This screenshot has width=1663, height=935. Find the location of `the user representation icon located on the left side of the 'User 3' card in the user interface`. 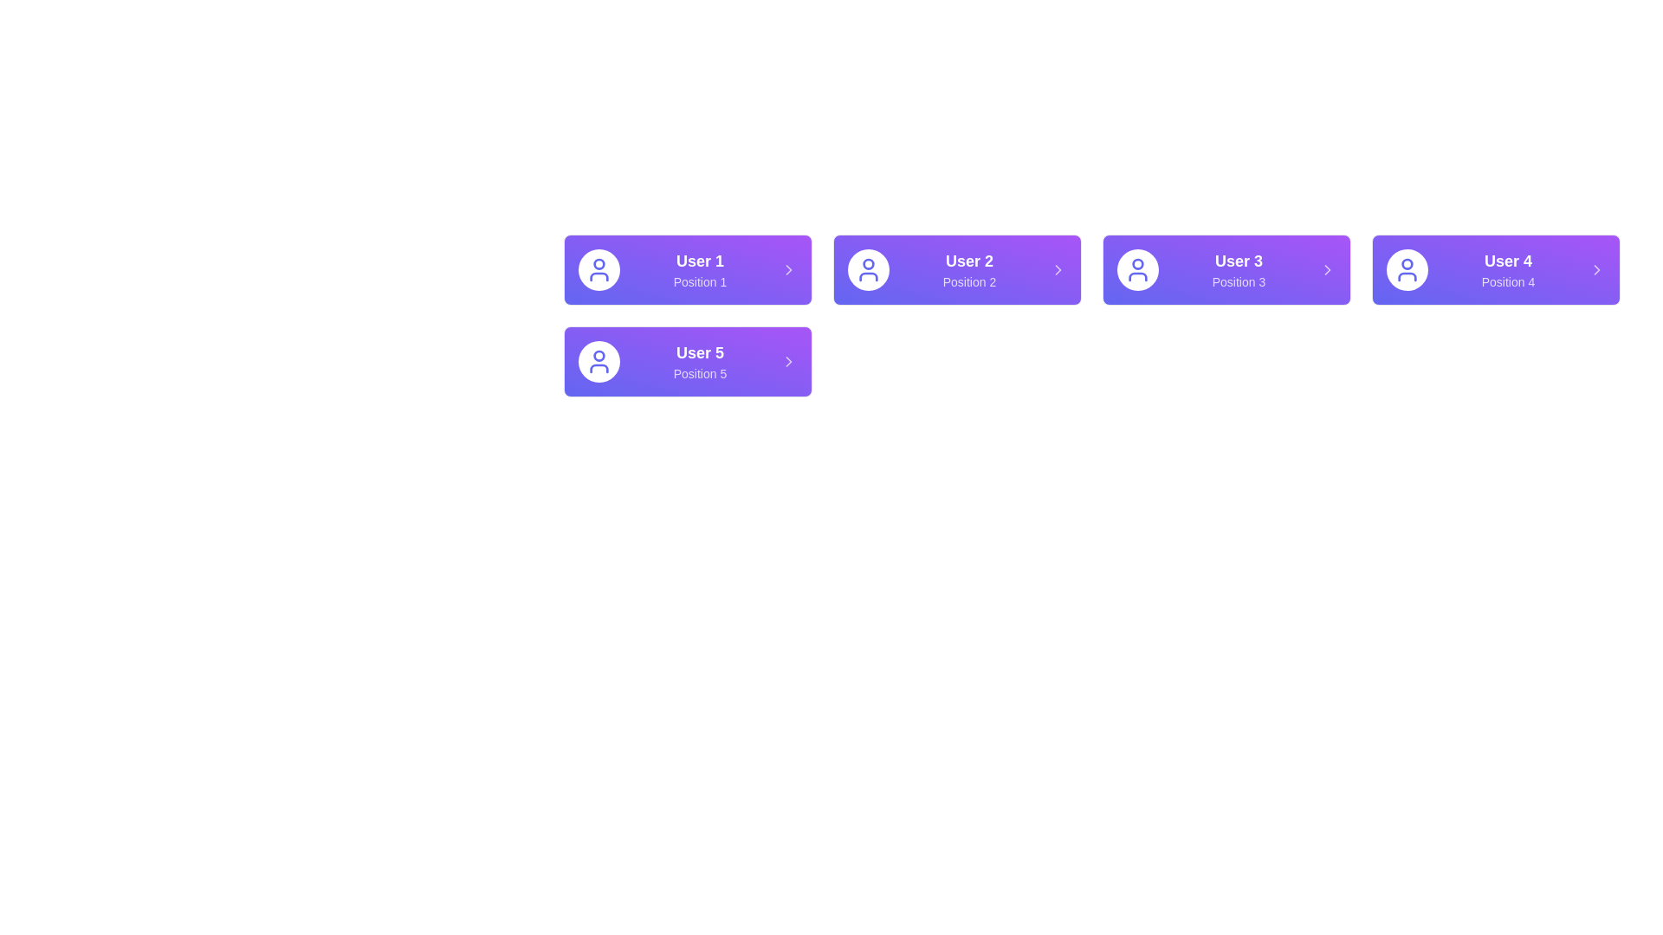

the user representation icon located on the left side of the 'User 3' card in the user interface is located at coordinates (1138, 270).